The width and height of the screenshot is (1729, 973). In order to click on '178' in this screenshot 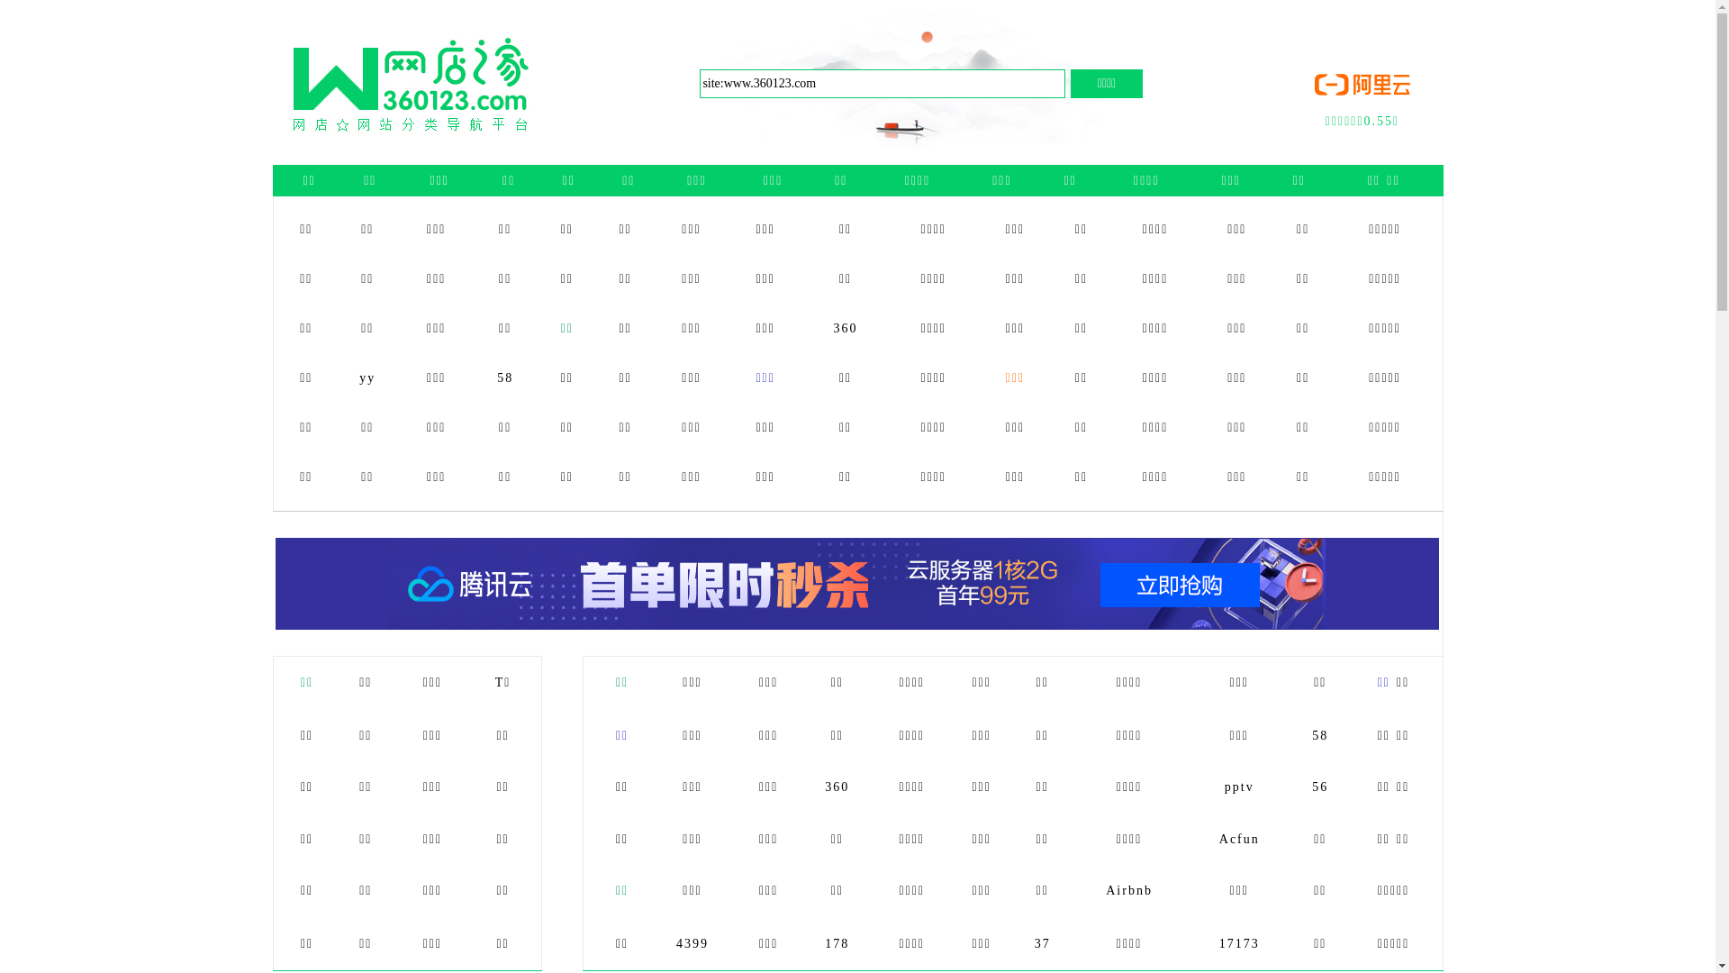, I will do `click(836, 942)`.